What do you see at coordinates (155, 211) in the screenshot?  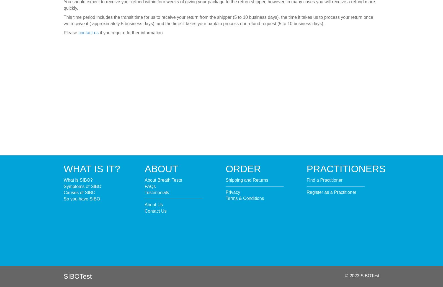 I see `'Contact Us'` at bounding box center [155, 211].